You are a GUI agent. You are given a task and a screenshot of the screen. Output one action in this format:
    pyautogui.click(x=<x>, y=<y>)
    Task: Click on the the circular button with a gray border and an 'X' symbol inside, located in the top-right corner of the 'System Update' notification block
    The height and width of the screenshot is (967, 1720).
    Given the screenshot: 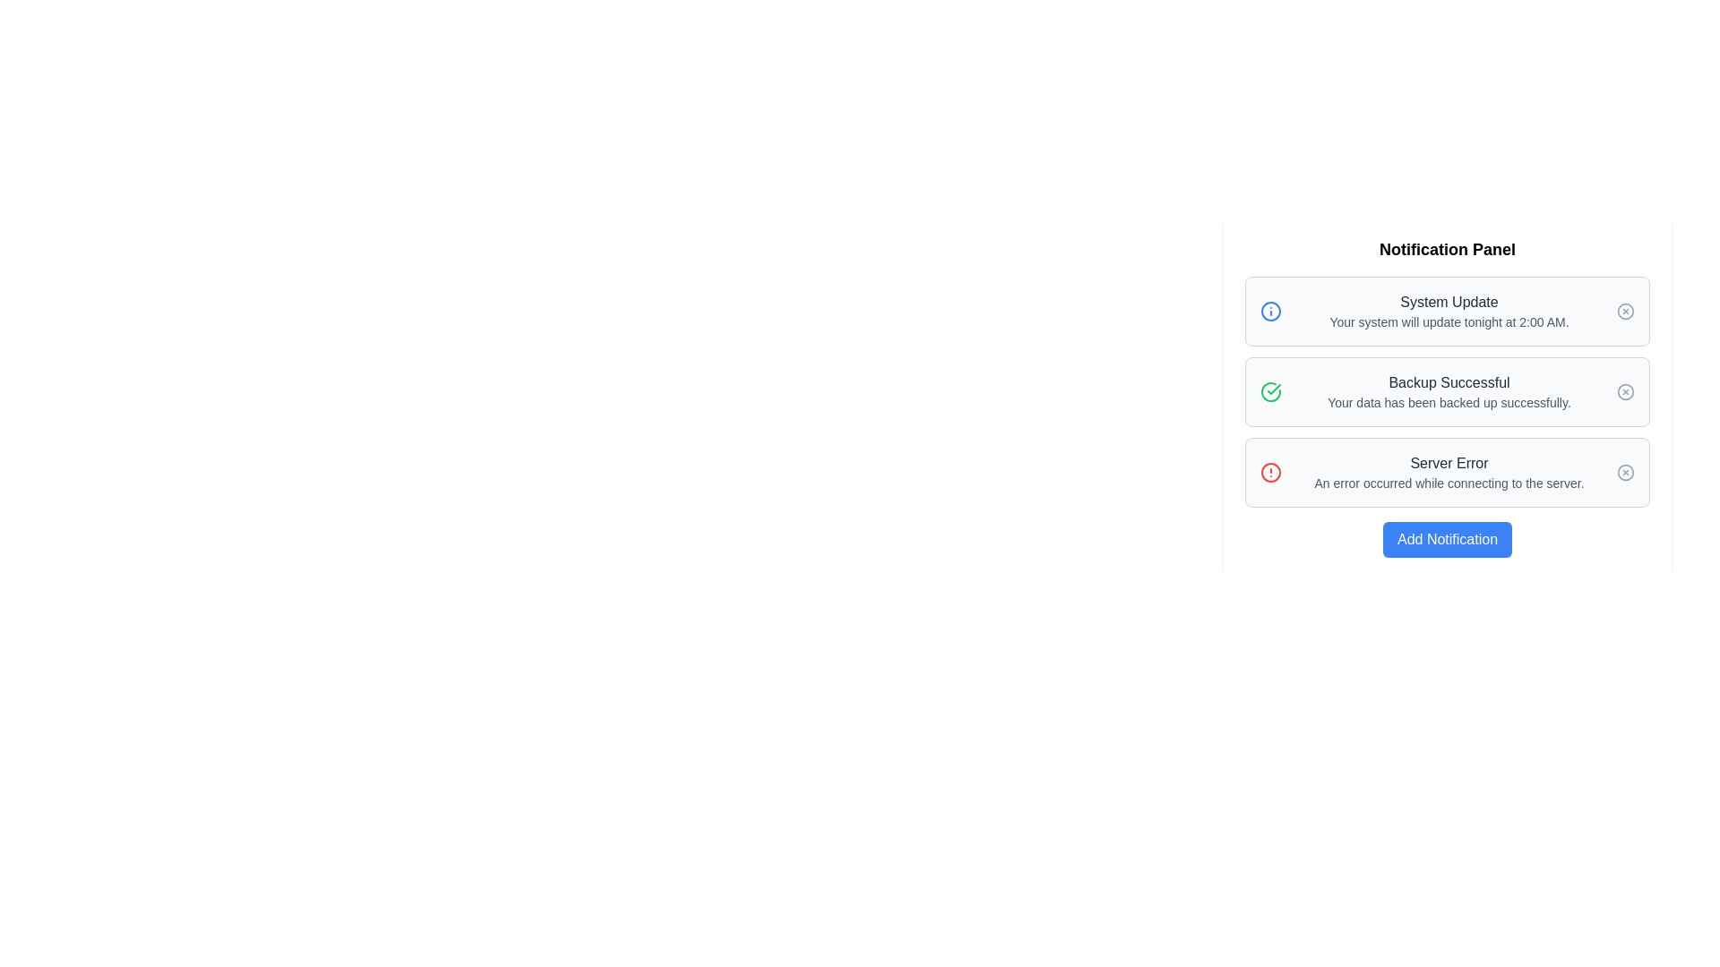 What is the action you would take?
    pyautogui.click(x=1625, y=310)
    